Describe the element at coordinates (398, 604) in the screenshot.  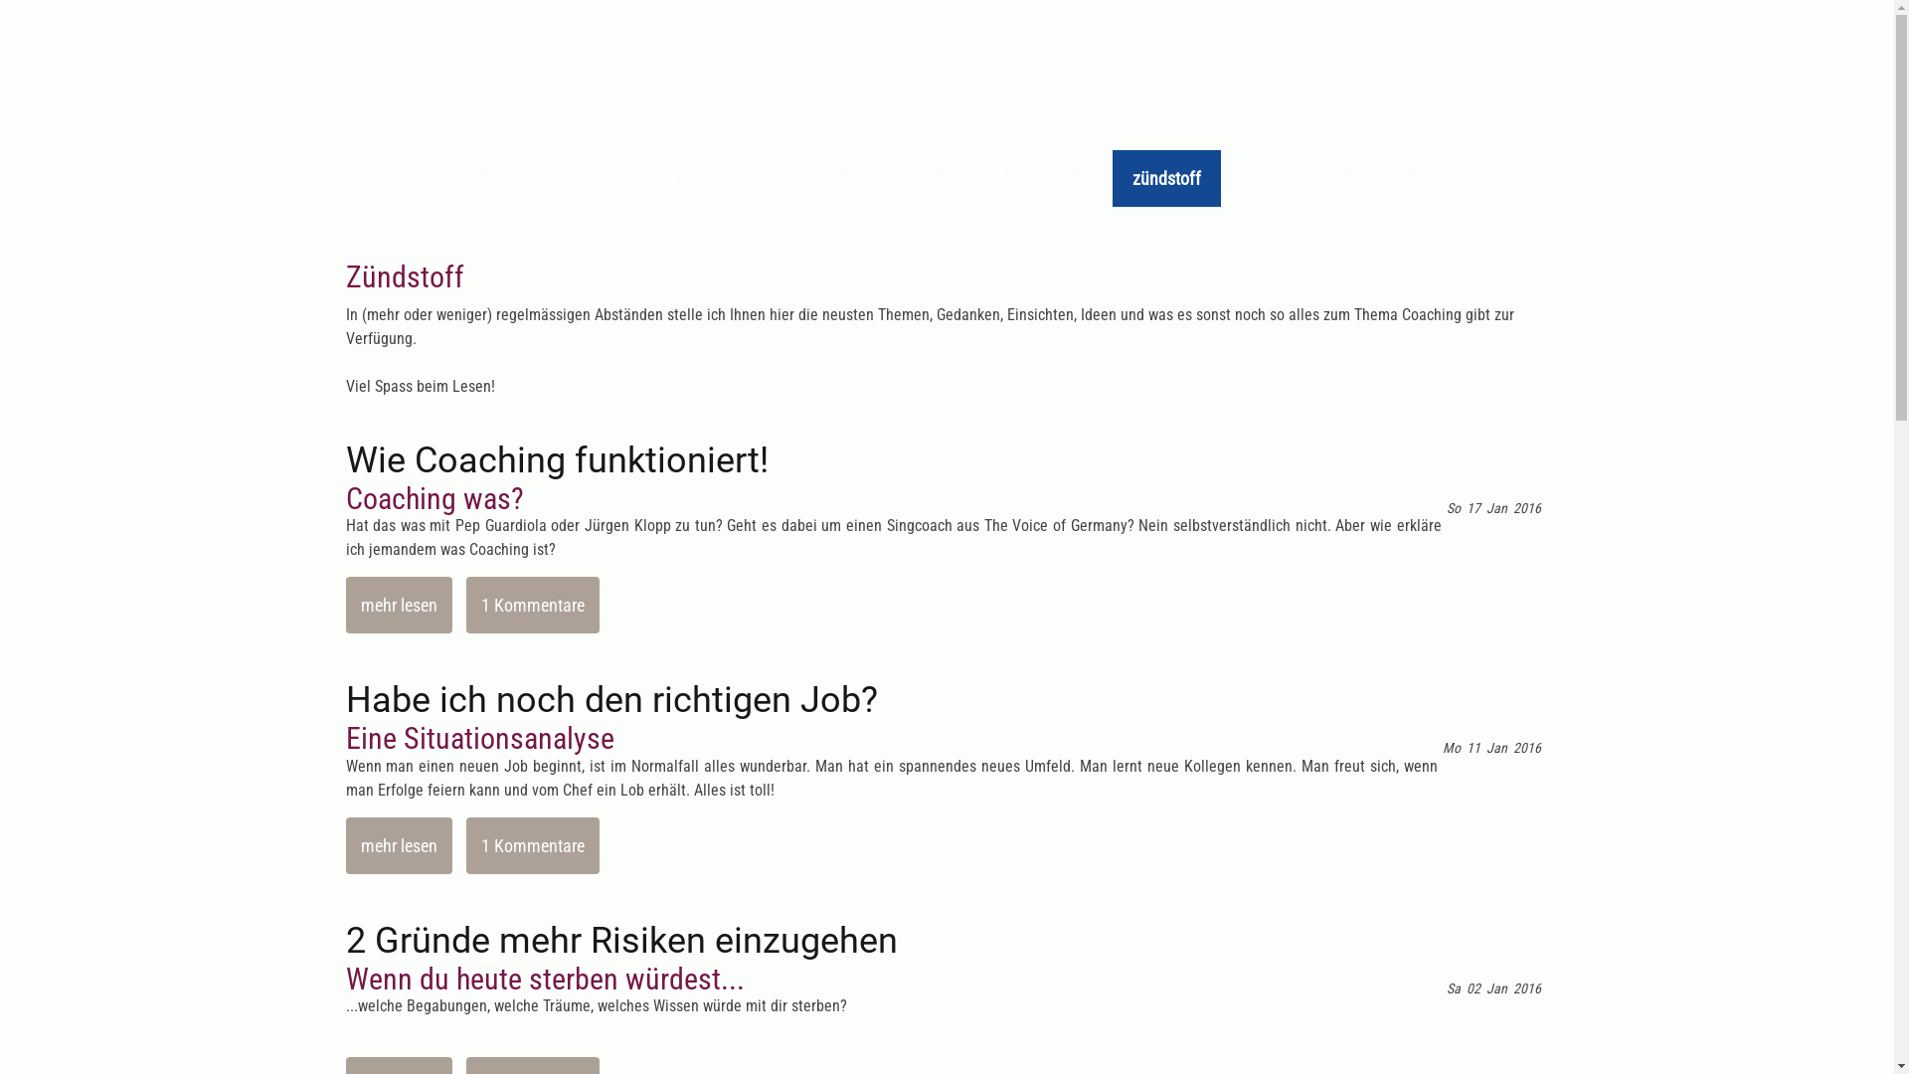
I see `'mehr lesen'` at that location.